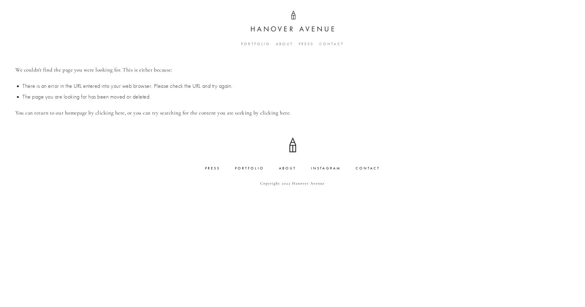 The width and height of the screenshot is (585, 307). What do you see at coordinates (22, 86) in the screenshot?
I see `'There is an error in the URL entered into your web browser. Please check the URL and try again.'` at bounding box center [22, 86].